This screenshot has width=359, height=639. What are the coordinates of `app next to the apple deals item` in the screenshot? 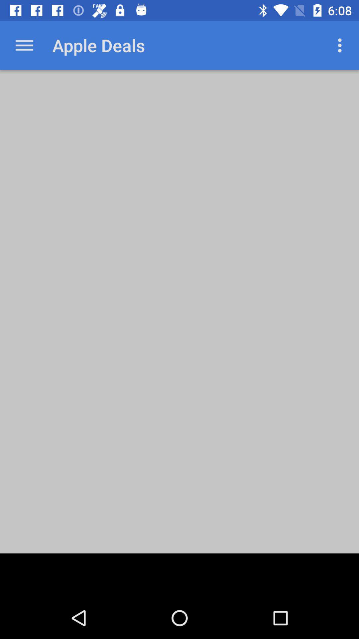 It's located at (341, 45).